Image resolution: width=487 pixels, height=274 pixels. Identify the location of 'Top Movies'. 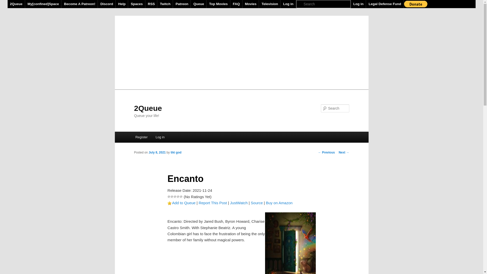
(218, 4).